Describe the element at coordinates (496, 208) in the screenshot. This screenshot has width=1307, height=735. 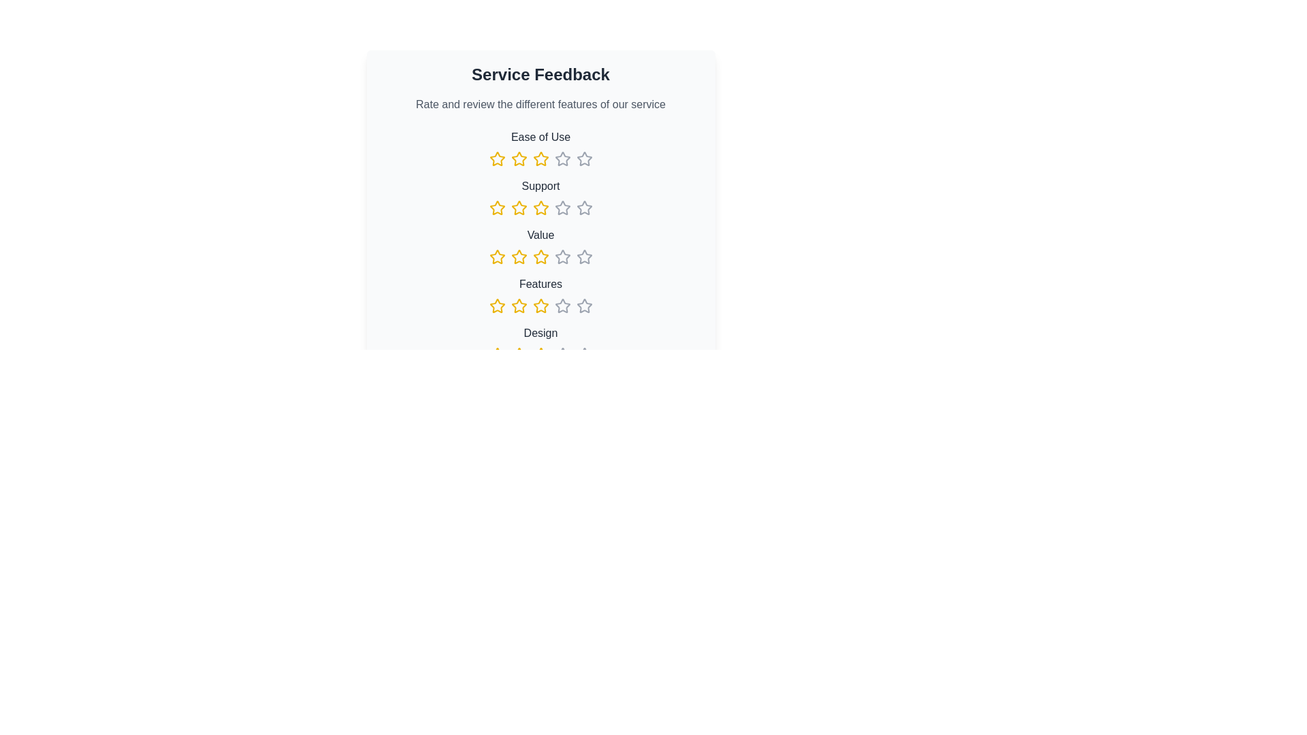
I see `the first star icon button in the 'Support' rating section` at that location.